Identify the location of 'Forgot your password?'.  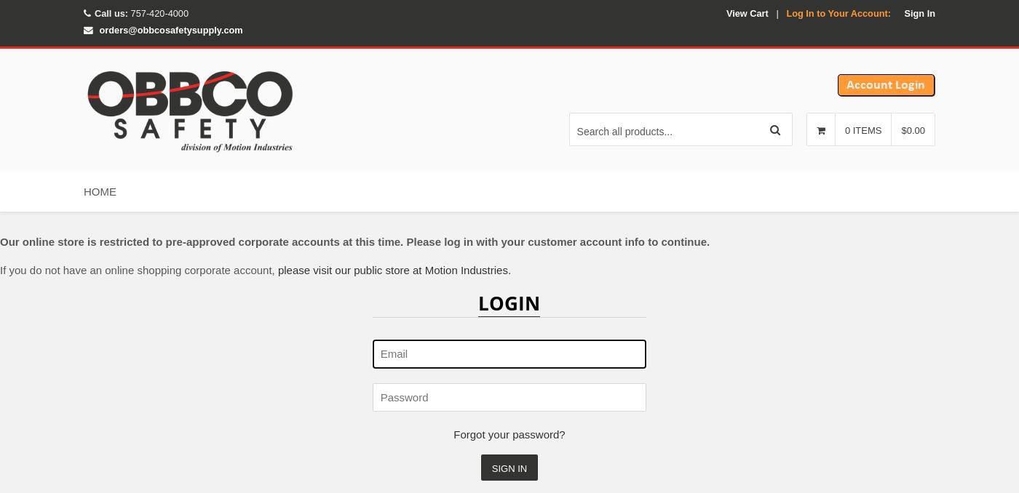
(453, 433).